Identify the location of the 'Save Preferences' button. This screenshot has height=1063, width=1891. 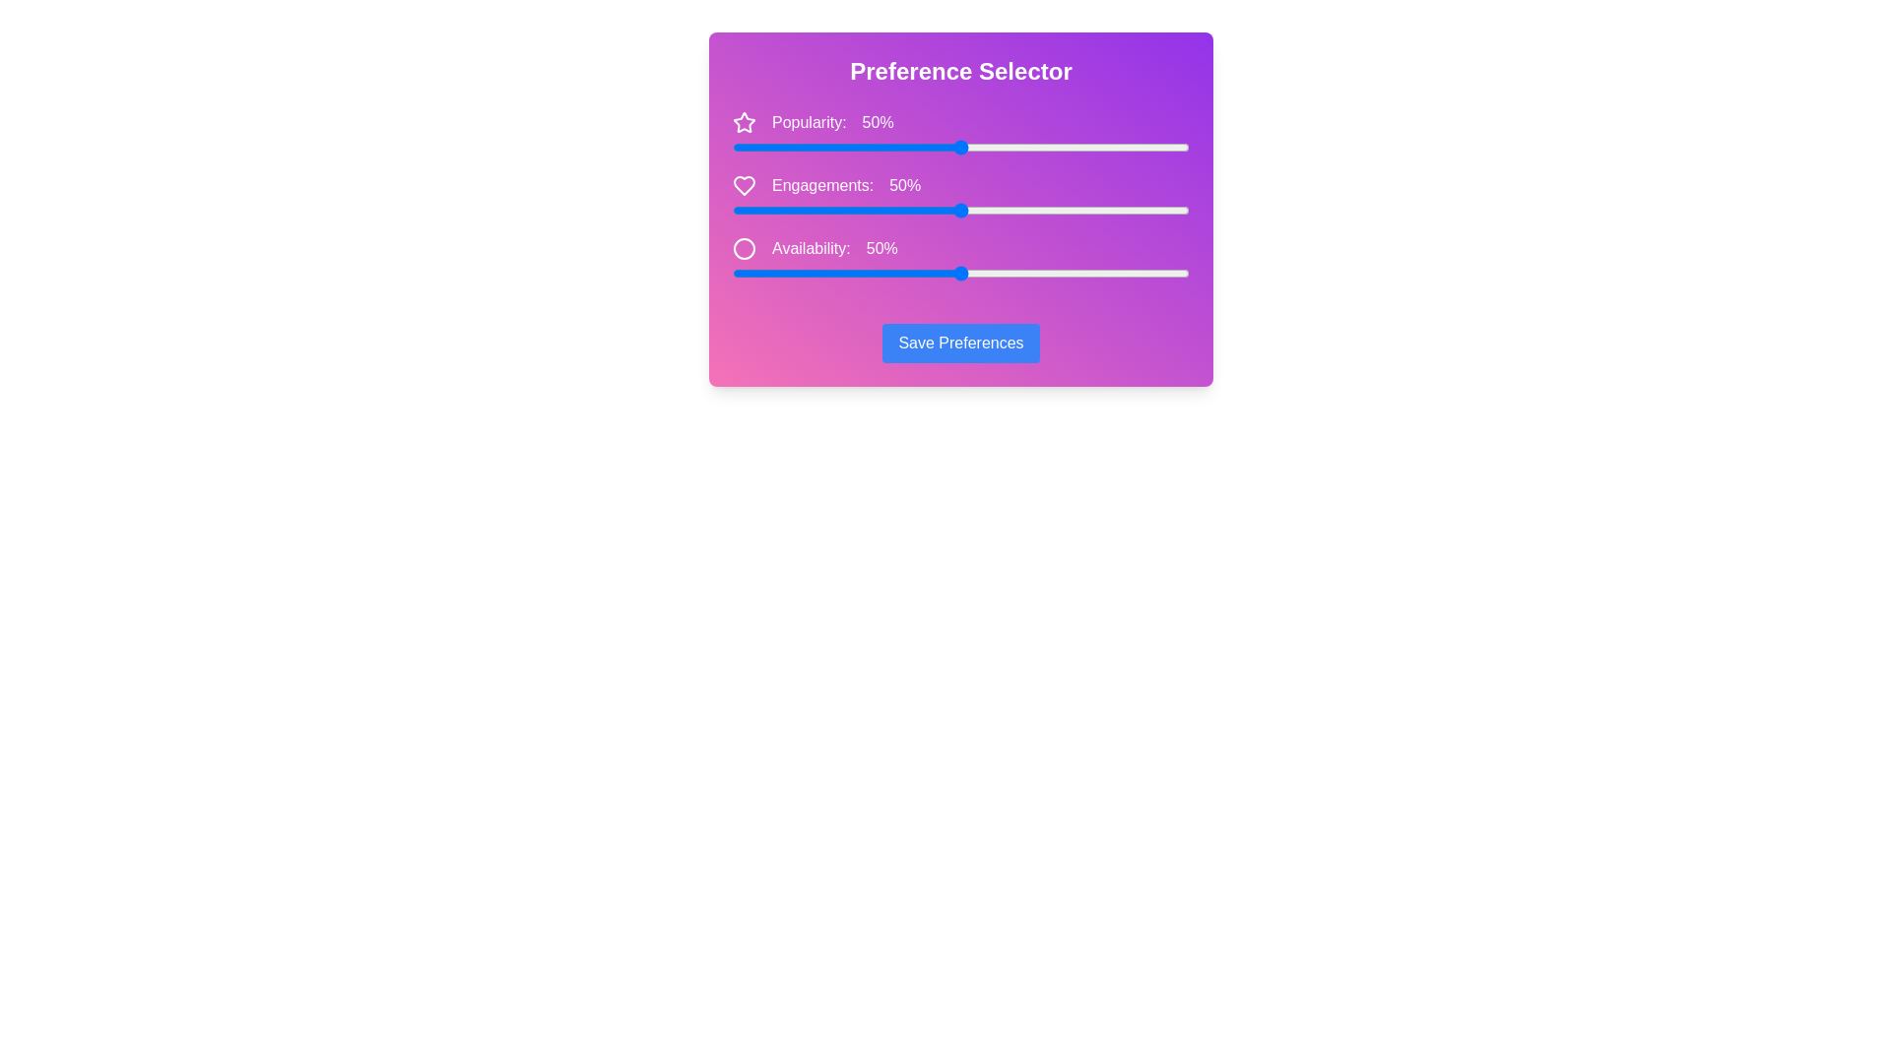
(960, 342).